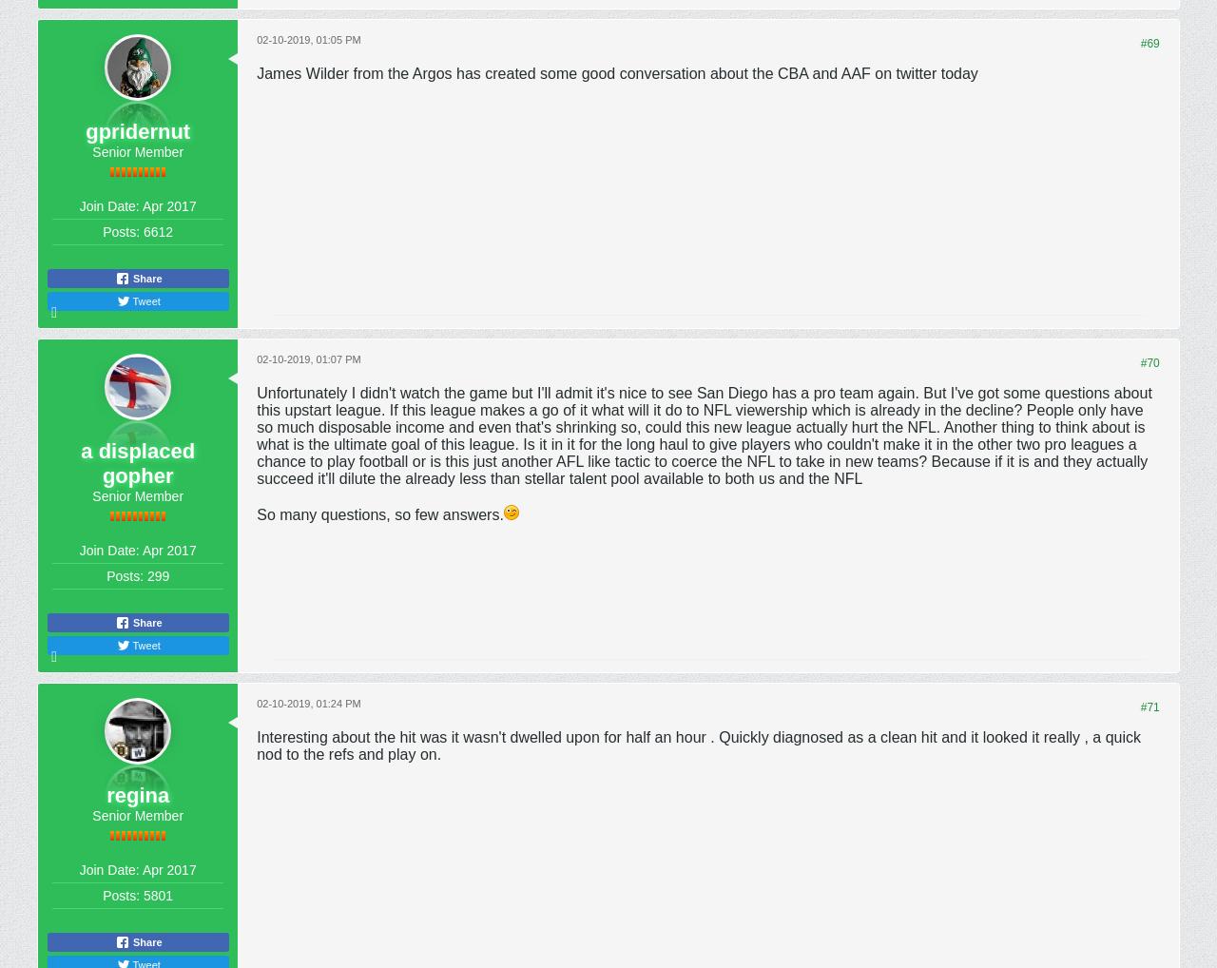  What do you see at coordinates (379, 513) in the screenshot?
I see `'So many questions, so few answers.'` at bounding box center [379, 513].